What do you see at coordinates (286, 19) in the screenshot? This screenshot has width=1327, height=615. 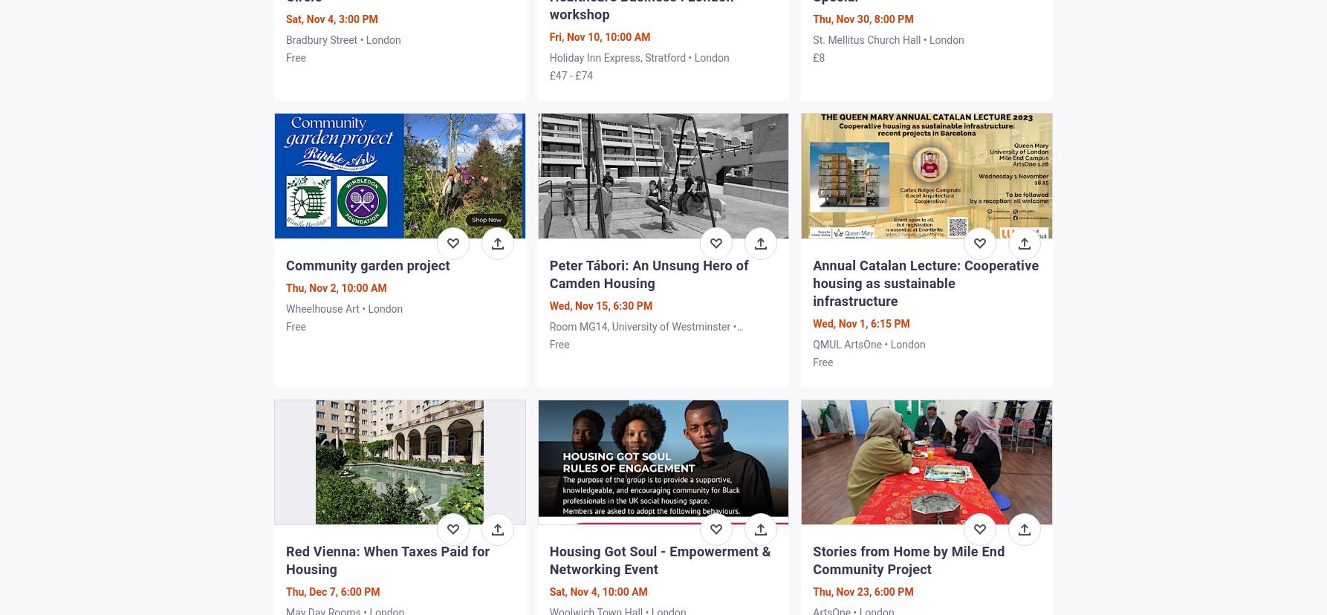 I see `'Sat, Nov 4, 3:00 PM'` at bounding box center [286, 19].